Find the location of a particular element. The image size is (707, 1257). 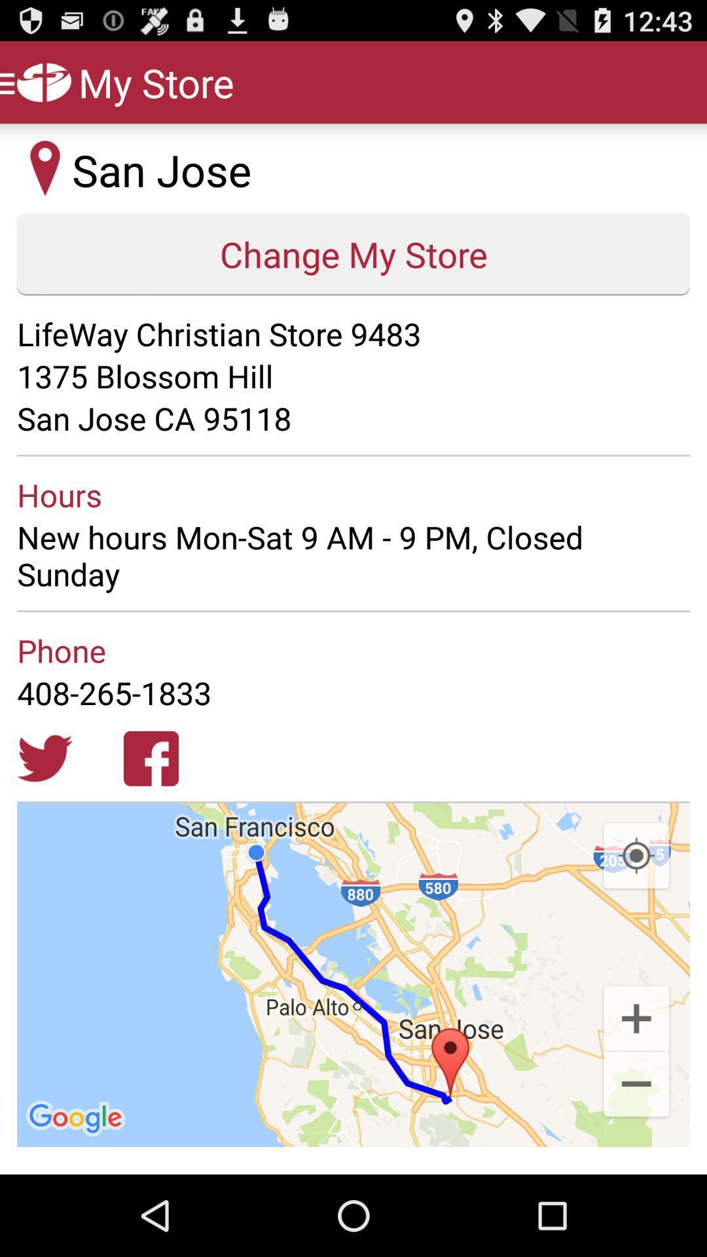

icon below the 408-265-1833 app is located at coordinates (151, 758).